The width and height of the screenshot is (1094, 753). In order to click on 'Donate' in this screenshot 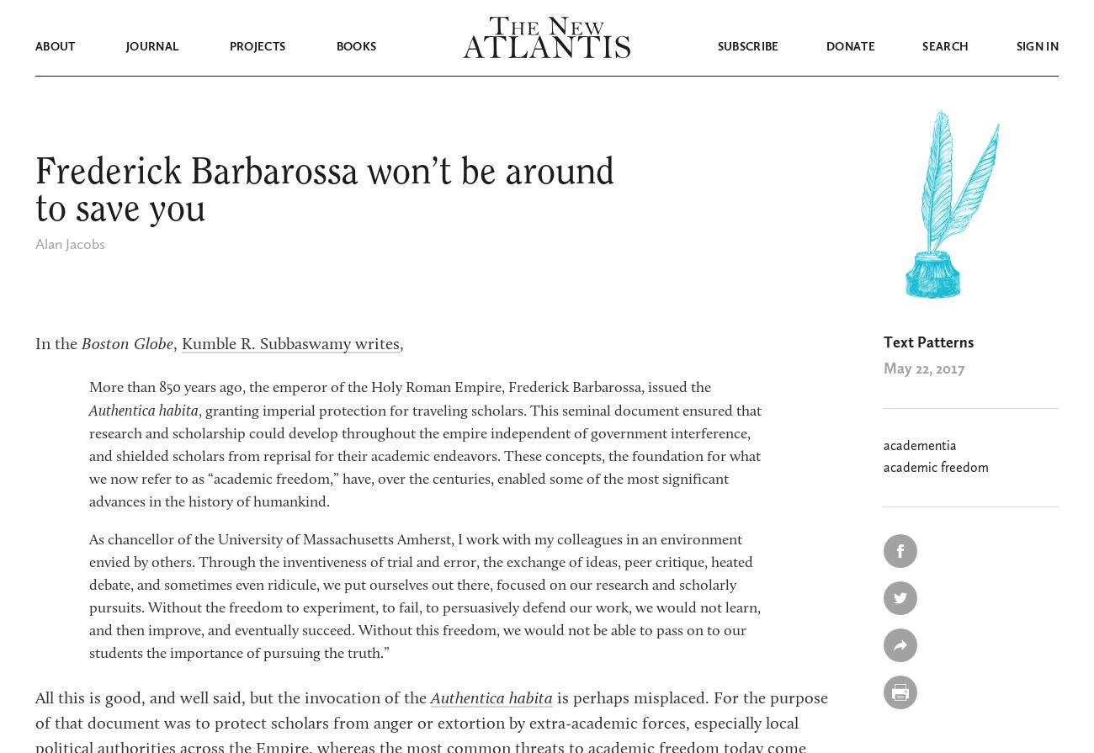, I will do `click(849, 46)`.